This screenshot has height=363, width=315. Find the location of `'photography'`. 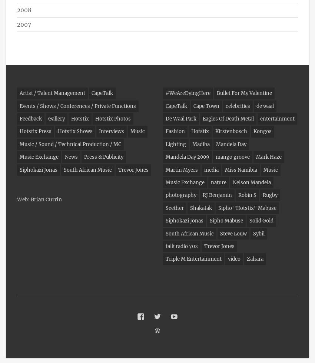

'photography' is located at coordinates (181, 195).